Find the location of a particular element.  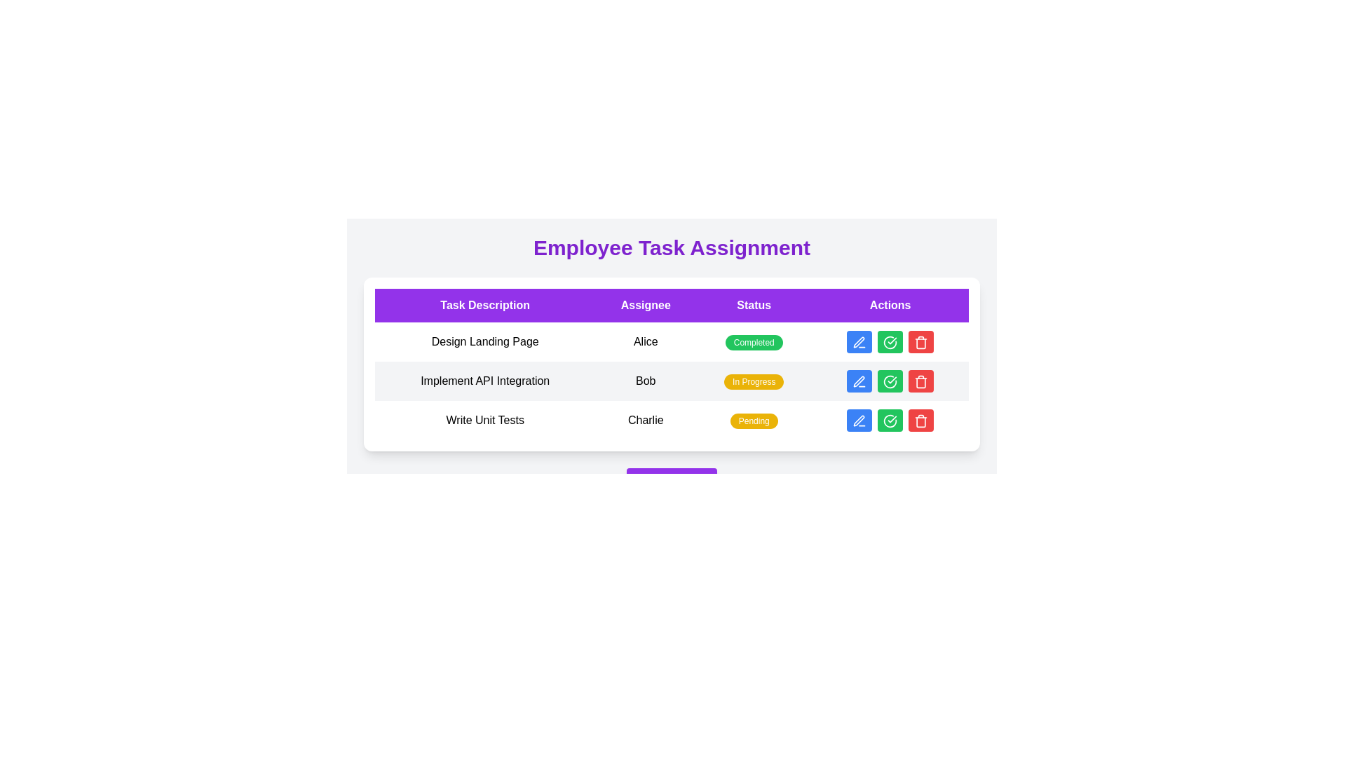

the circular green check mark icon in the 'Actions' column for the 'Implement API Integration' task is located at coordinates (890, 381).